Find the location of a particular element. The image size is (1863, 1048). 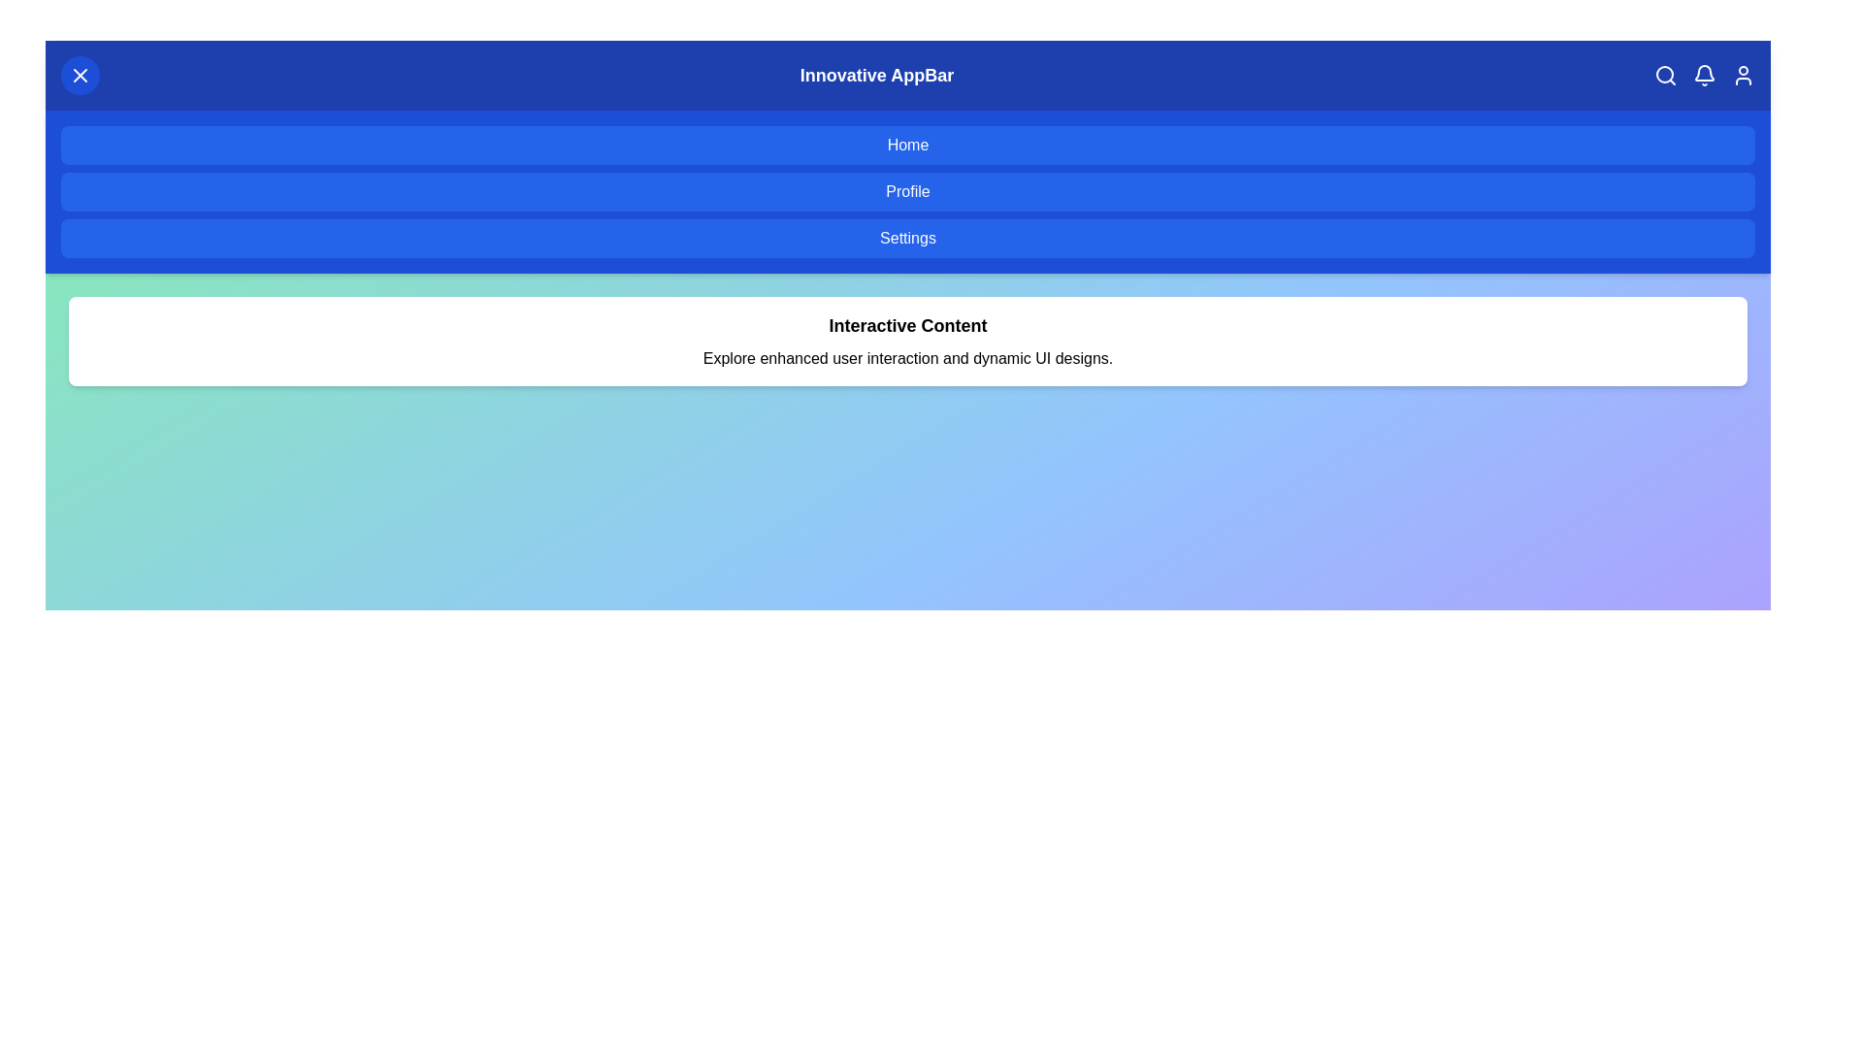

the Notifications icon in the header is located at coordinates (1703, 74).